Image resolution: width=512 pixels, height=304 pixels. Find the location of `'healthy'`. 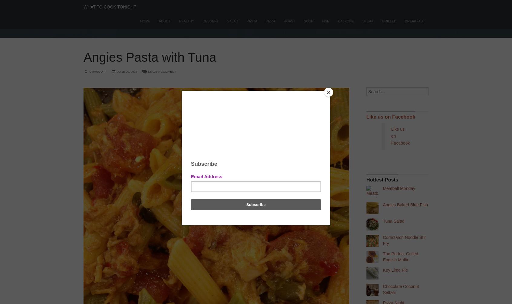

'healthy' is located at coordinates (186, 21).